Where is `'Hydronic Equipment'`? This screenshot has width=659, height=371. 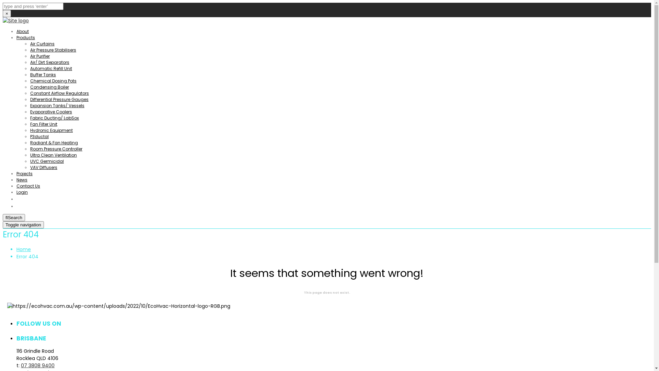
'Hydronic Equipment' is located at coordinates (51, 130).